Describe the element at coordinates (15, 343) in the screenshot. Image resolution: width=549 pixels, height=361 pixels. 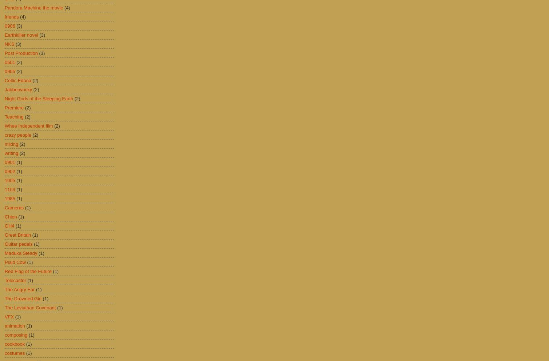
I see `'cookbook'` at that location.